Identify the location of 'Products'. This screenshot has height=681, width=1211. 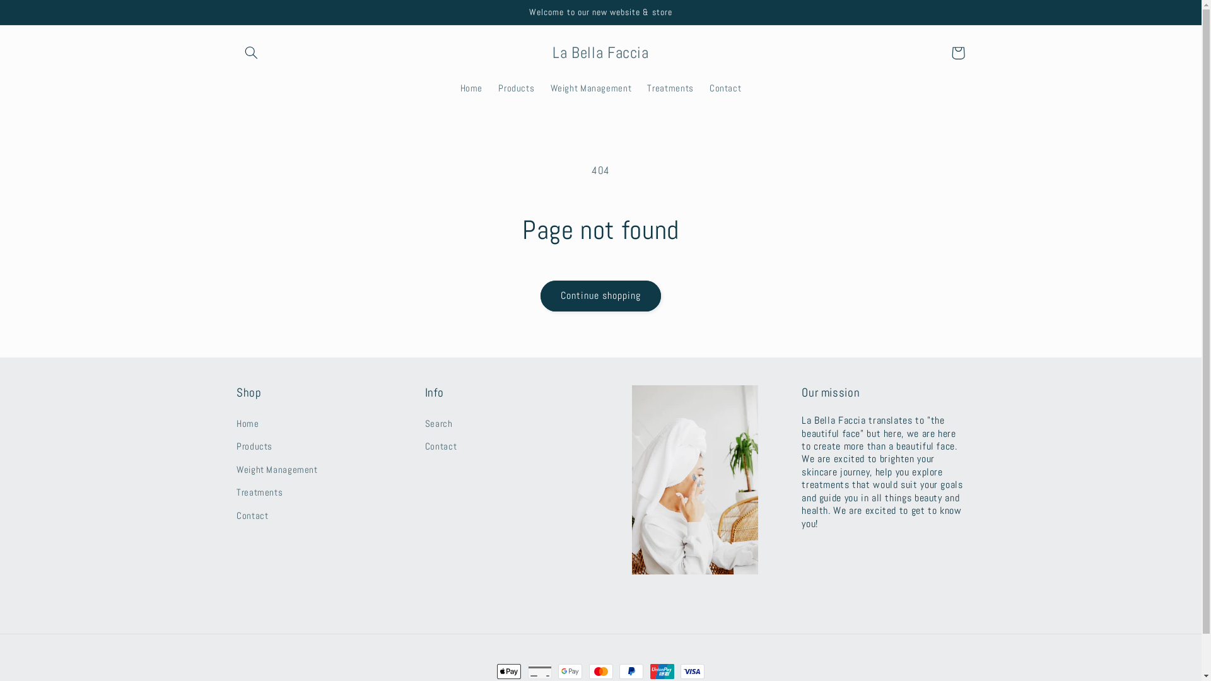
(517, 87).